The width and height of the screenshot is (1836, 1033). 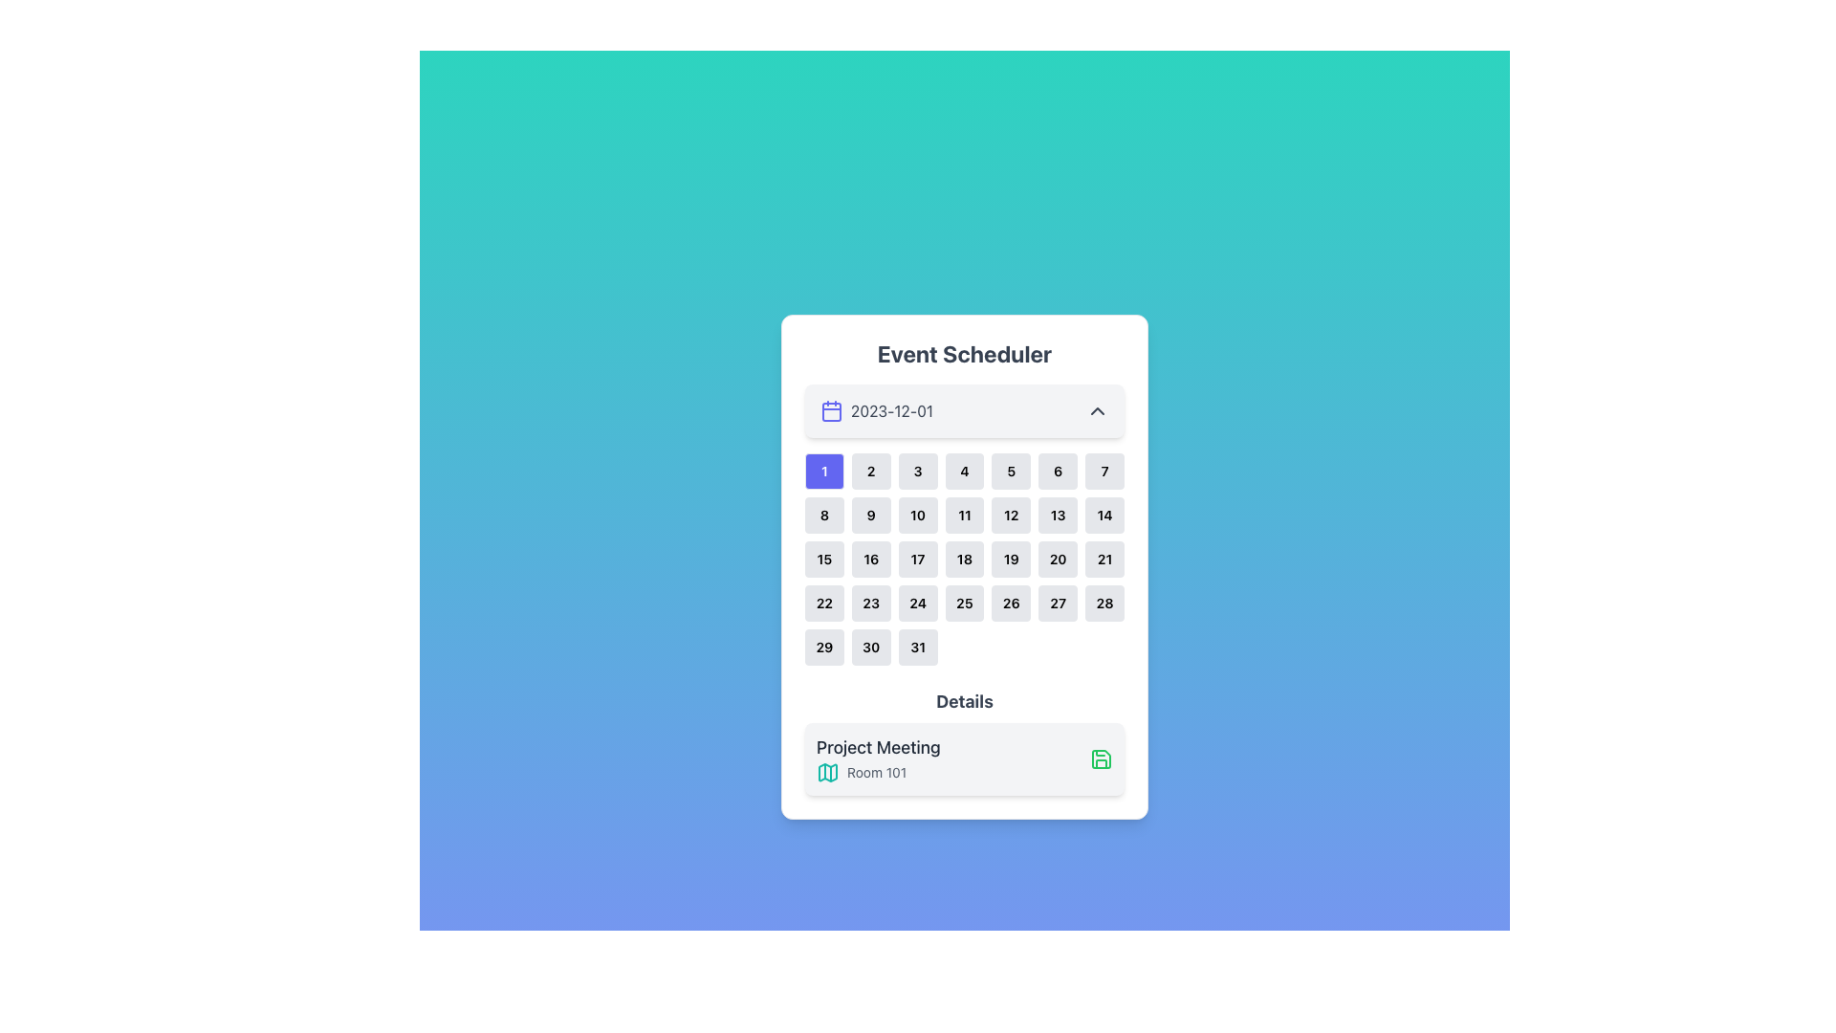 I want to click on the button representing the day '7' in the calendar, so click(x=1104, y=472).